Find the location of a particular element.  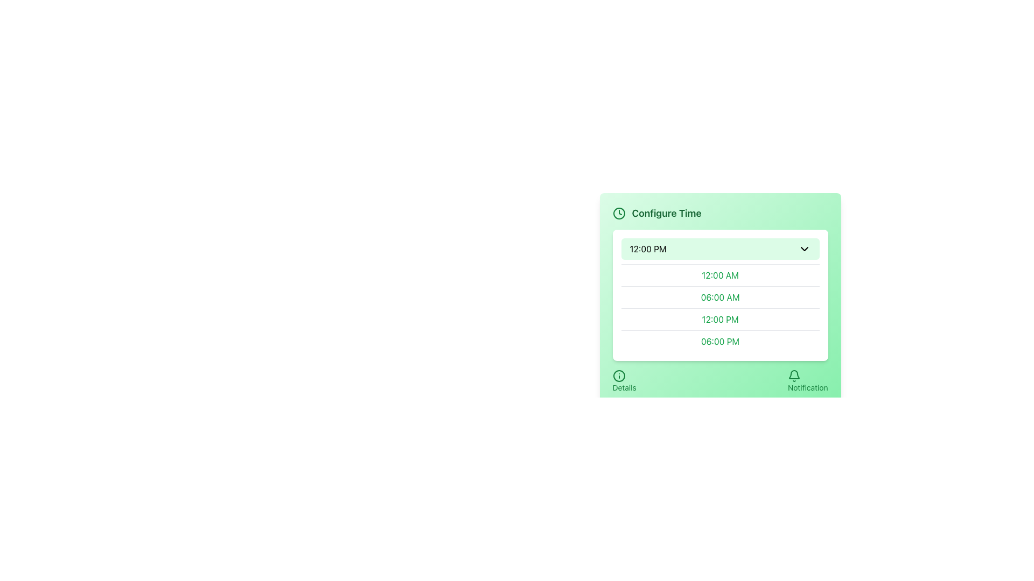

the time option '06:00 AM' in the time picker dropdown menu is located at coordinates (720, 297).